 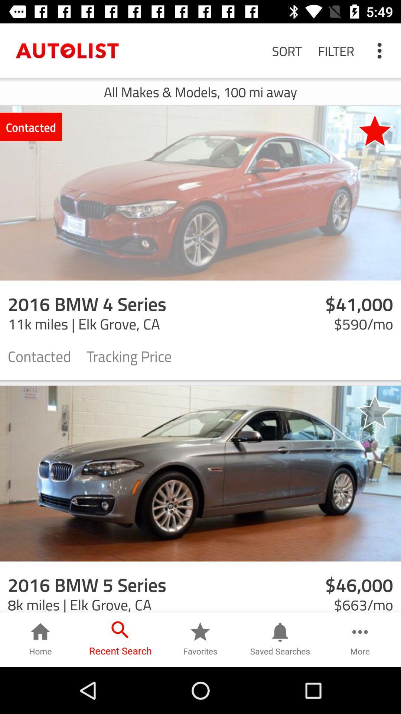 I want to click on the icon to the right of the sort icon, so click(x=336, y=50).